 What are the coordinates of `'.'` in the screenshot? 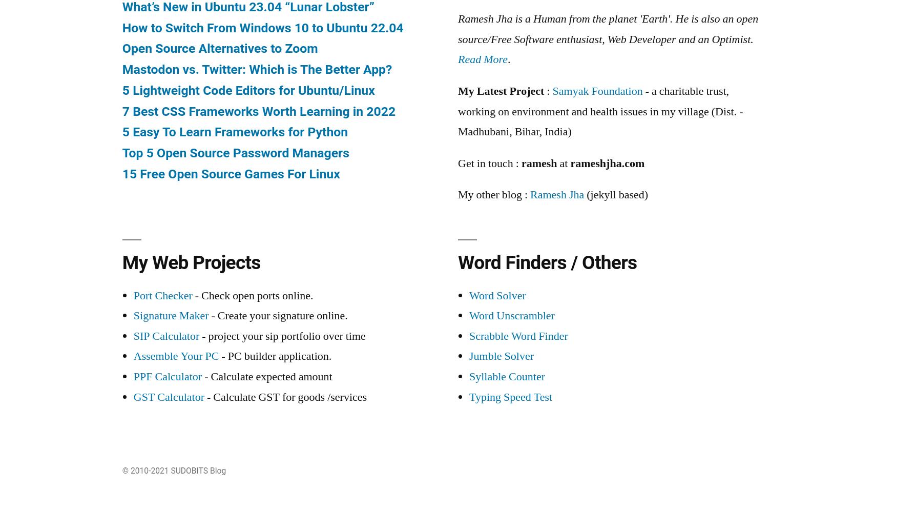 It's located at (509, 59).